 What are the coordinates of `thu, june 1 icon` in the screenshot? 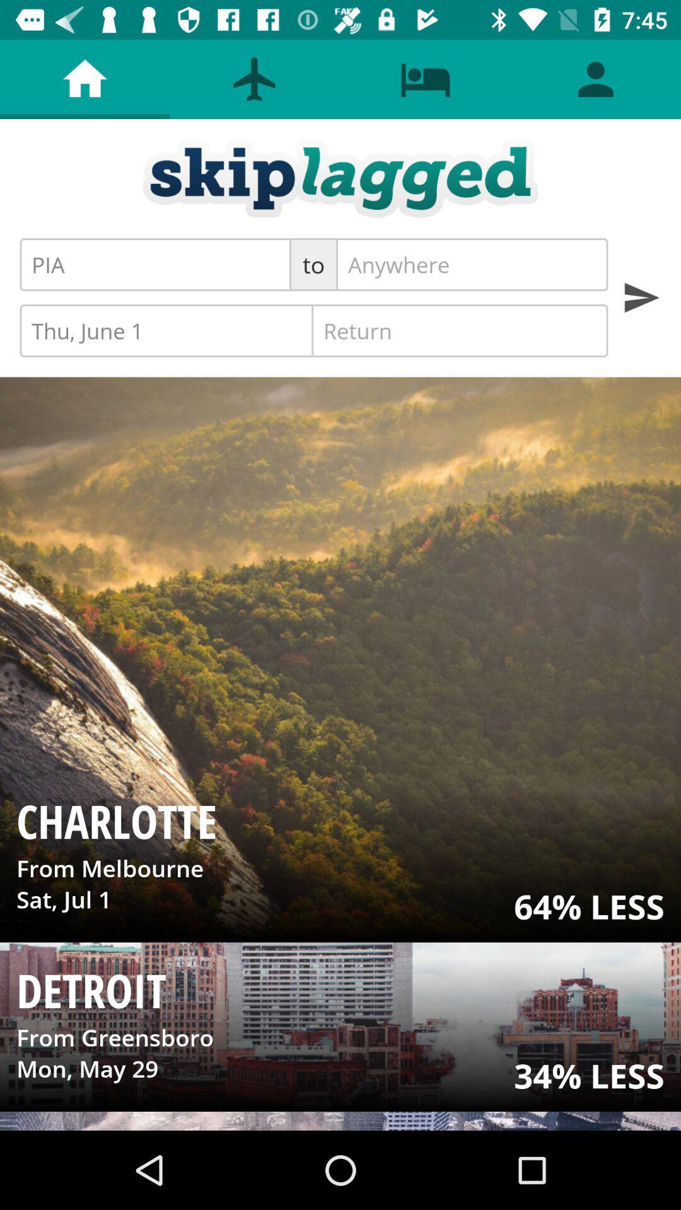 It's located at (167, 330).